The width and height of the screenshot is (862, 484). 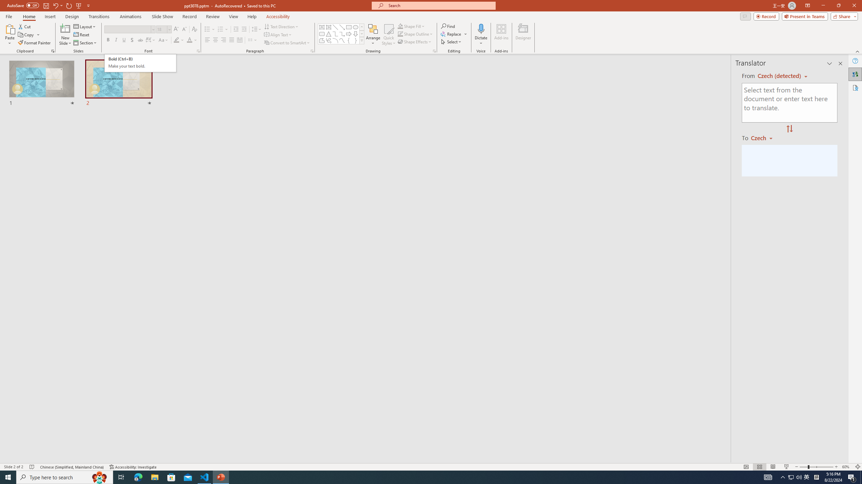 What do you see at coordinates (328, 27) in the screenshot?
I see `'Vertical Text Box'` at bounding box center [328, 27].